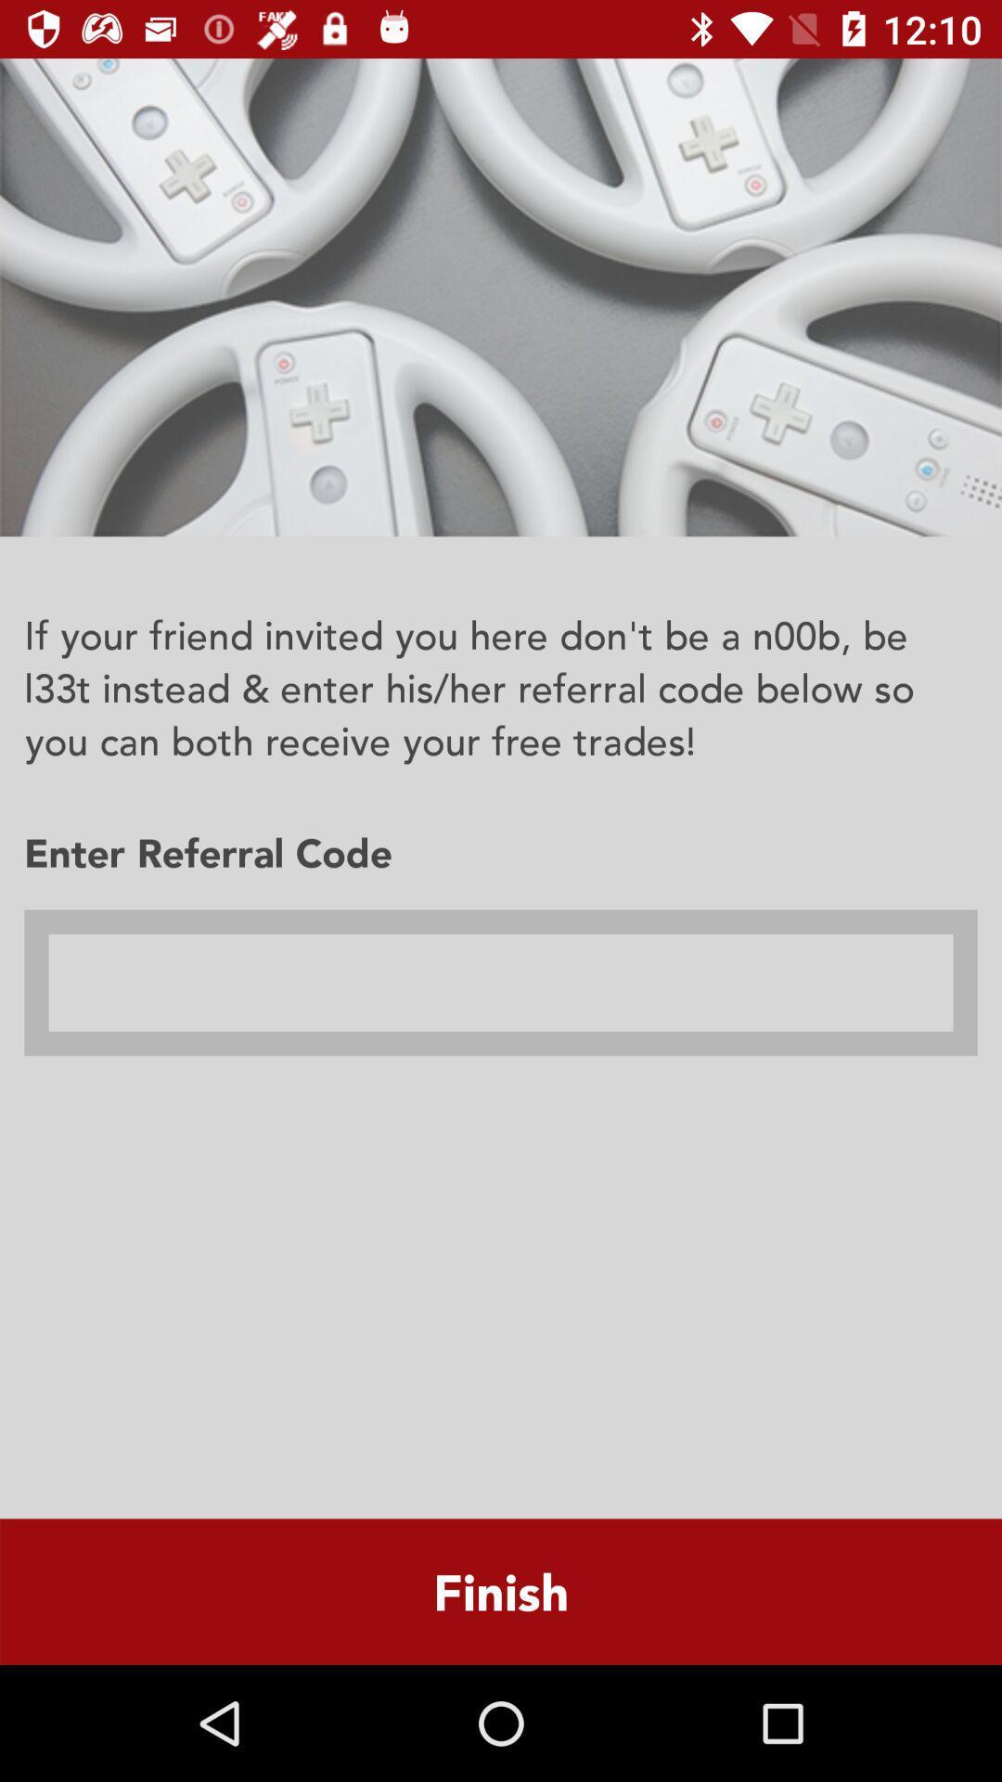  Describe the element at coordinates (501, 1591) in the screenshot. I see `the finish item` at that location.